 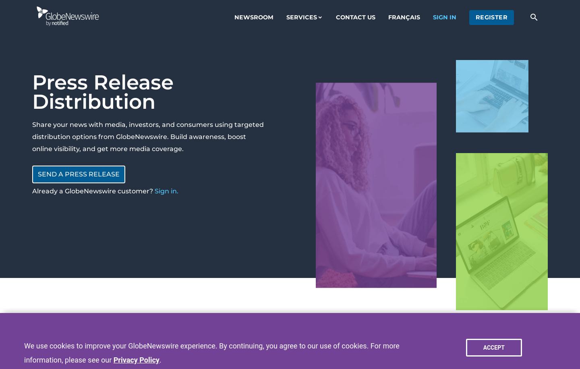 What do you see at coordinates (166, 191) in the screenshot?
I see `'Sign in.'` at bounding box center [166, 191].